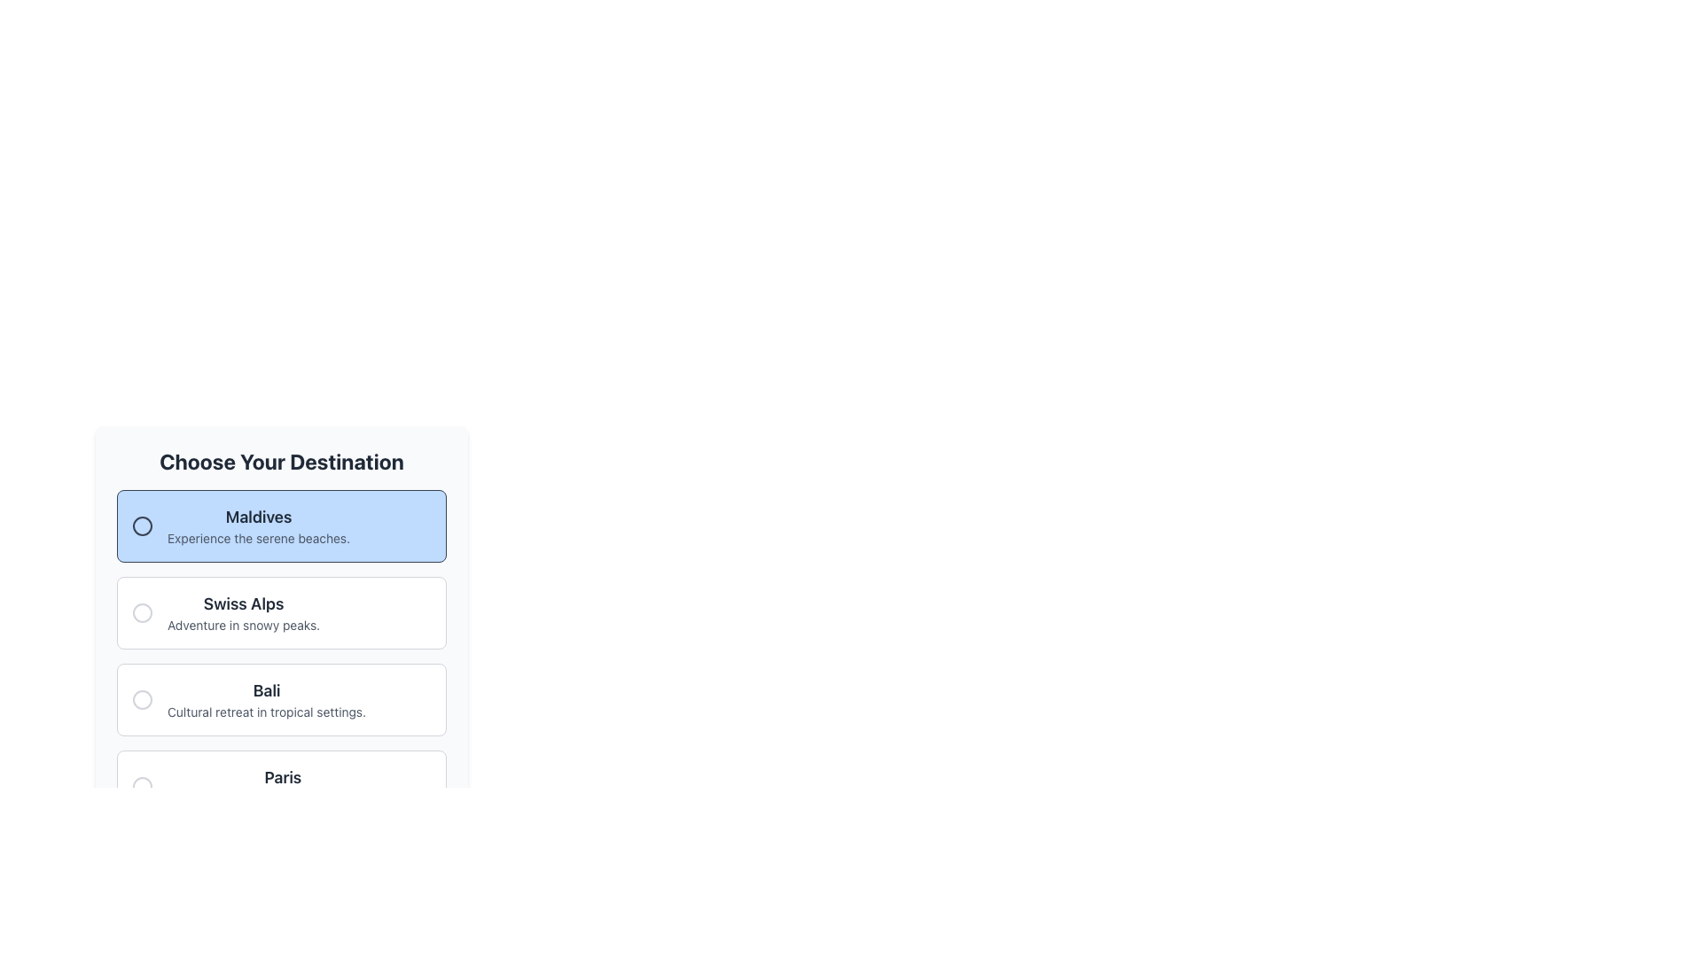 Image resolution: width=1702 pixels, height=957 pixels. Describe the element at coordinates (266, 711) in the screenshot. I see `the grey-colored text label that reads 'Cultural retreat in tropical settings', which is located directly beneath the title 'Bali' in the destination choices section` at that location.